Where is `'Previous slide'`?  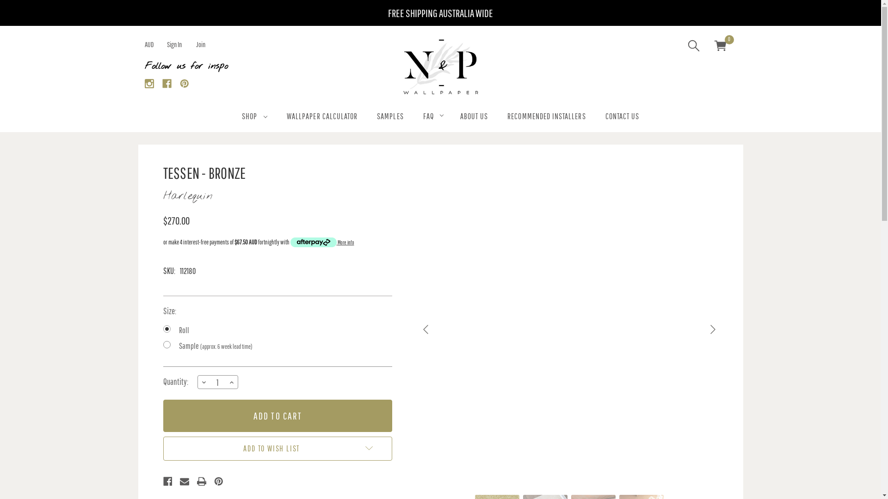 'Previous slide' is located at coordinates (425, 329).